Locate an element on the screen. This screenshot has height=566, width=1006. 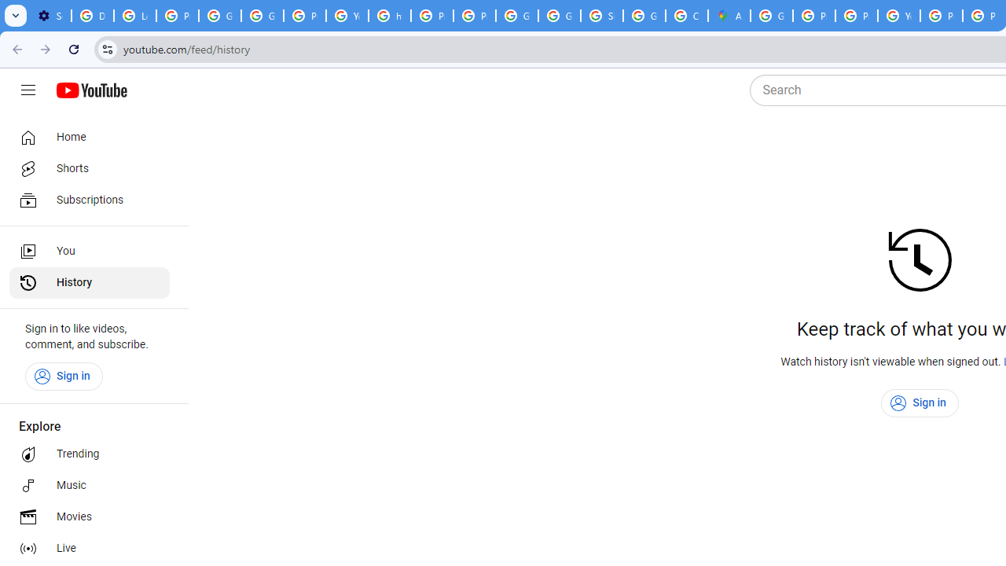
'History' is located at coordinates (88, 283).